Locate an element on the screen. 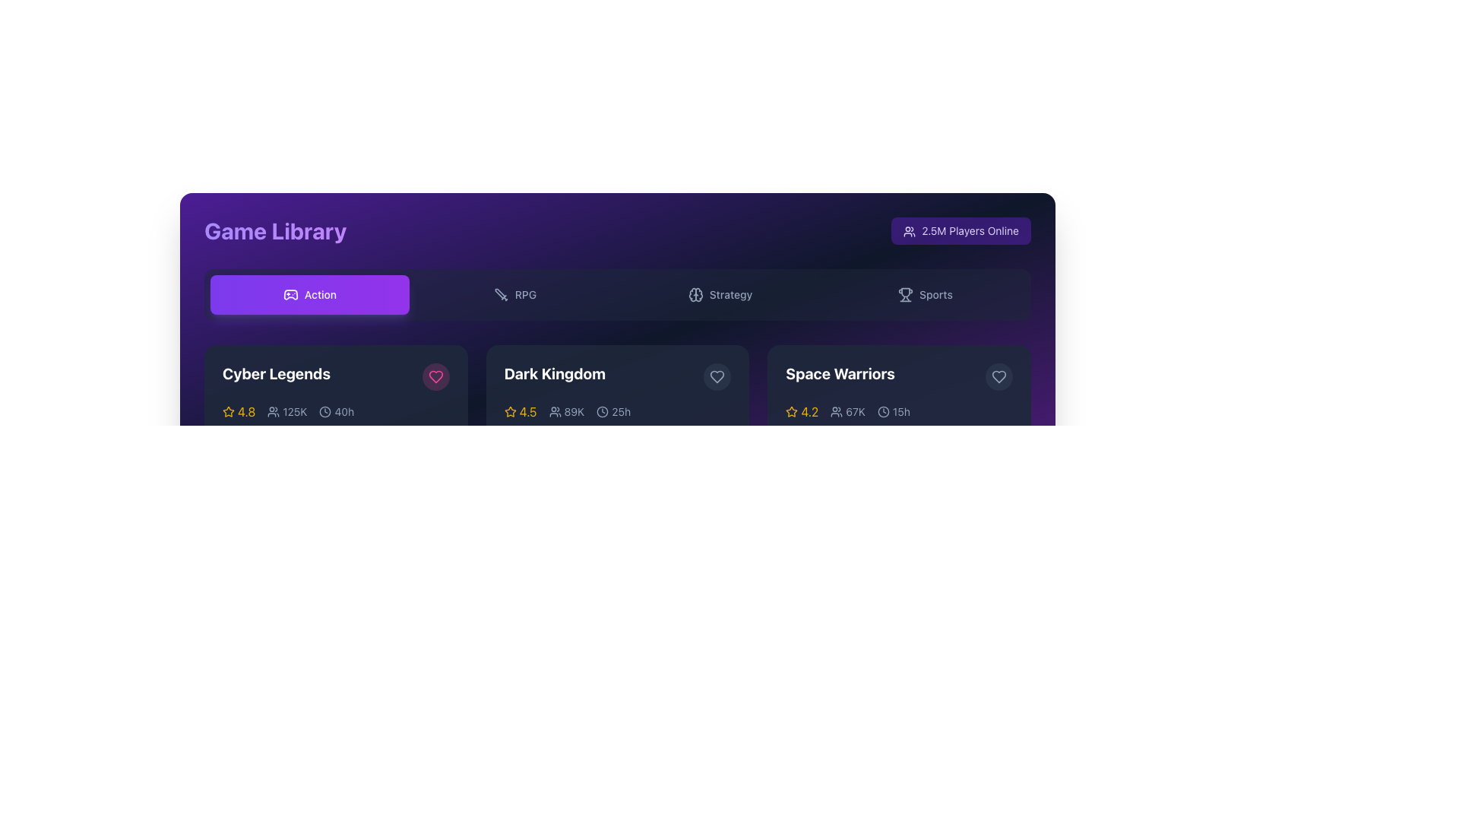 The height and width of the screenshot is (821, 1459). the Informational Status Panel containing a yellow star icon, gray user icon, and clock icon is located at coordinates (617, 412).